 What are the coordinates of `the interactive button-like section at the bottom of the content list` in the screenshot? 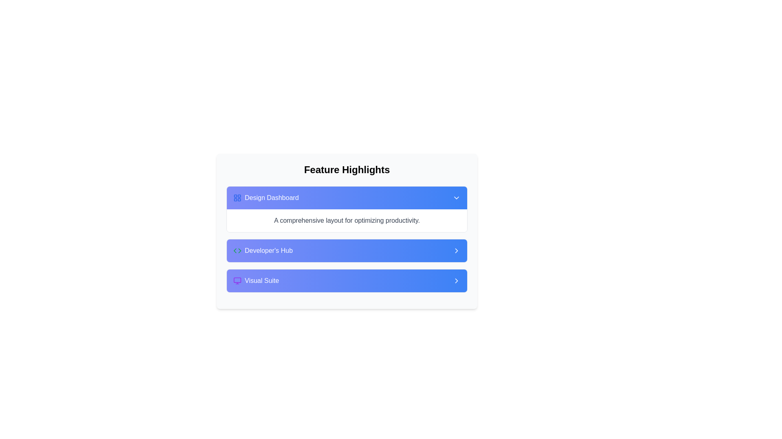 It's located at (347, 280).